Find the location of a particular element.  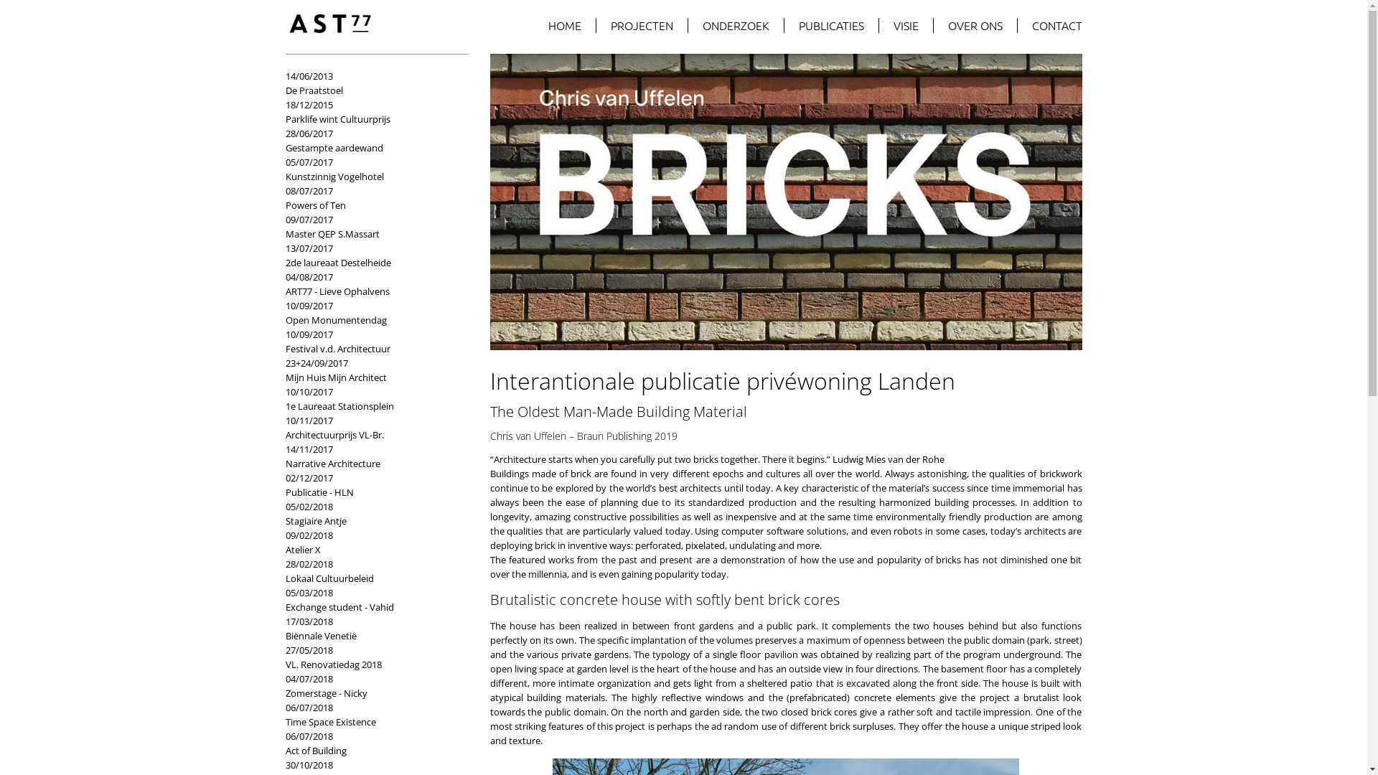

'OVER ONS' is located at coordinates (975, 25).